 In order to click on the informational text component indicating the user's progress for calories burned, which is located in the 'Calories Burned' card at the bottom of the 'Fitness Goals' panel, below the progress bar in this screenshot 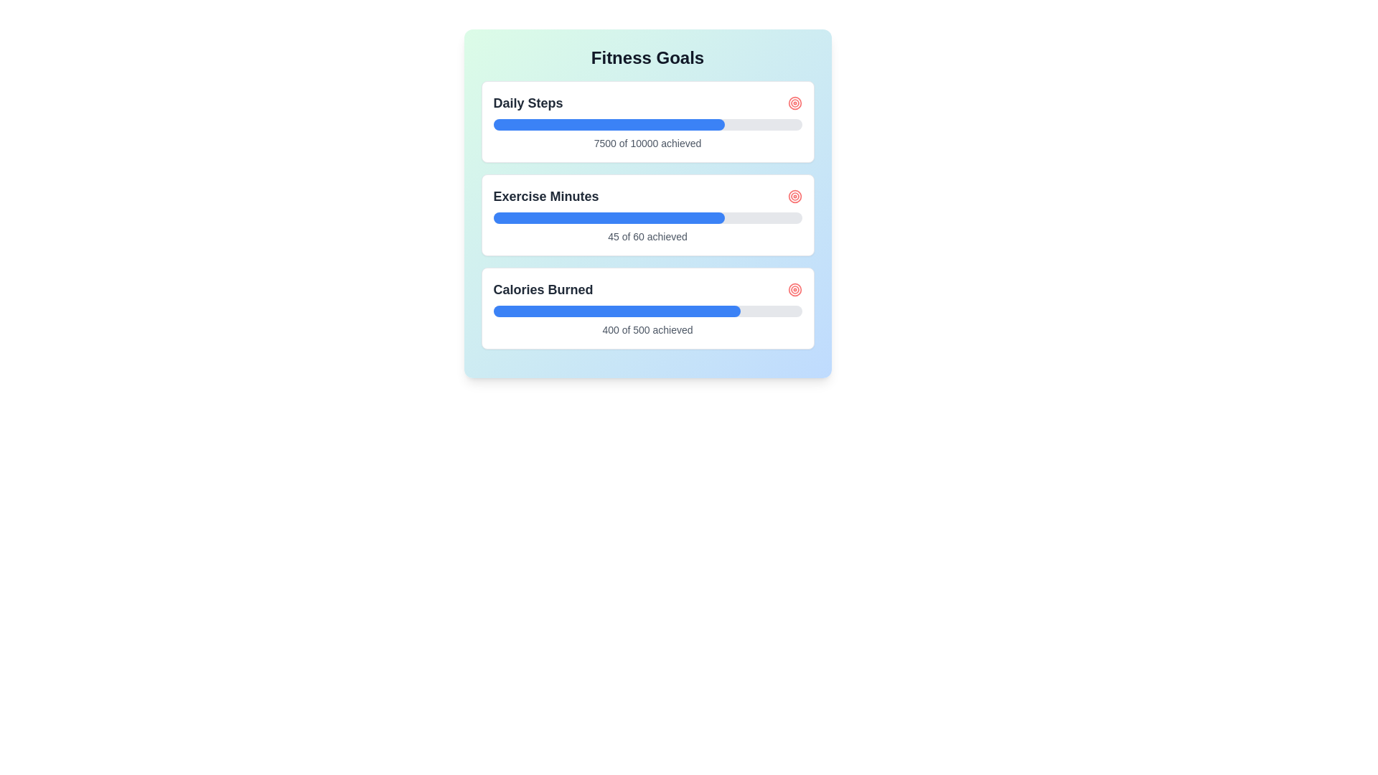, I will do `click(647, 329)`.